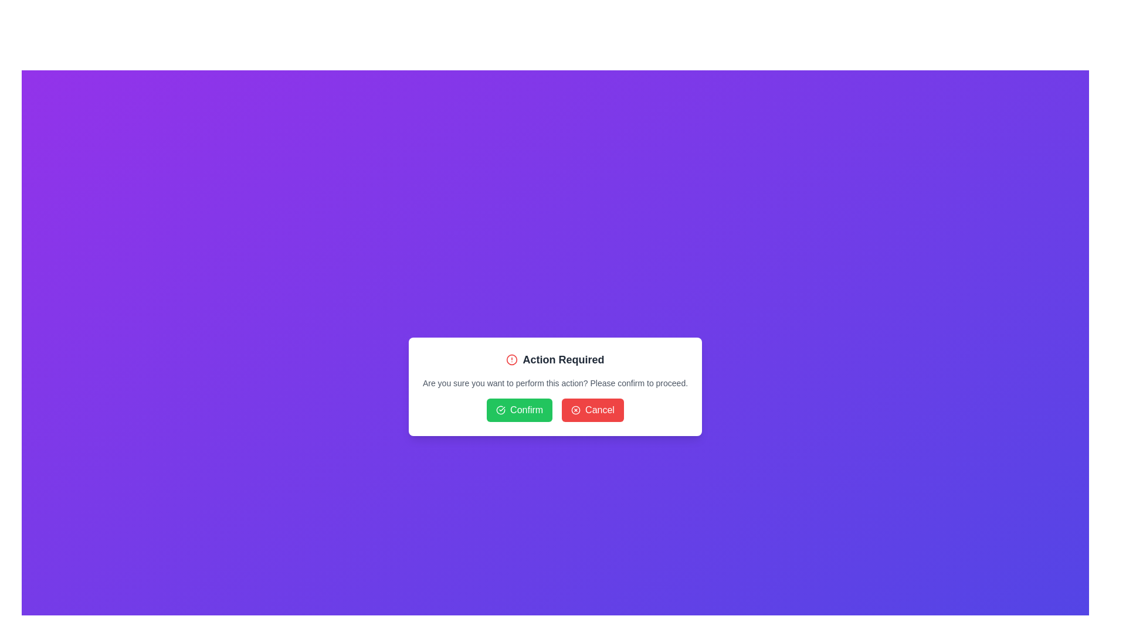 The height and width of the screenshot is (633, 1126). What do you see at coordinates (512, 359) in the screenshot?
I see `the alert icon adjacent to the 'Action Required' text in the top-left corner of the dialog box` at bounding box center [512, 359].